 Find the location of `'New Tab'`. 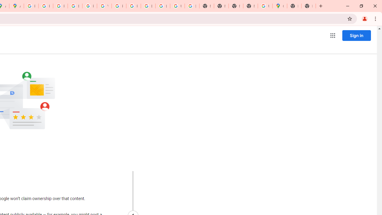

'New Tab' is located at coordinates (309, 6).